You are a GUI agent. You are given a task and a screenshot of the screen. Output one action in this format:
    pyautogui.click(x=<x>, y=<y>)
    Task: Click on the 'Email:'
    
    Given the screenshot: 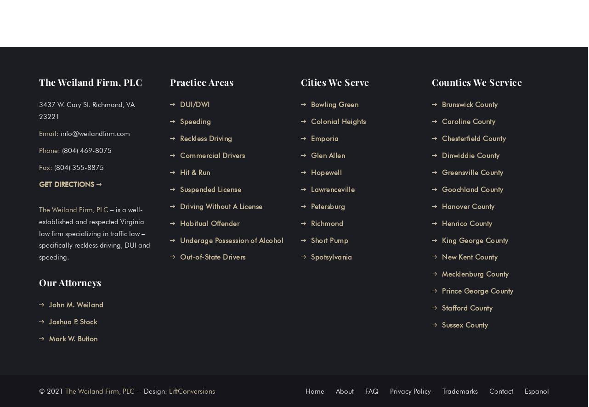 What is the action you would take?
    pyautogui.click(x=49, y=133)
    